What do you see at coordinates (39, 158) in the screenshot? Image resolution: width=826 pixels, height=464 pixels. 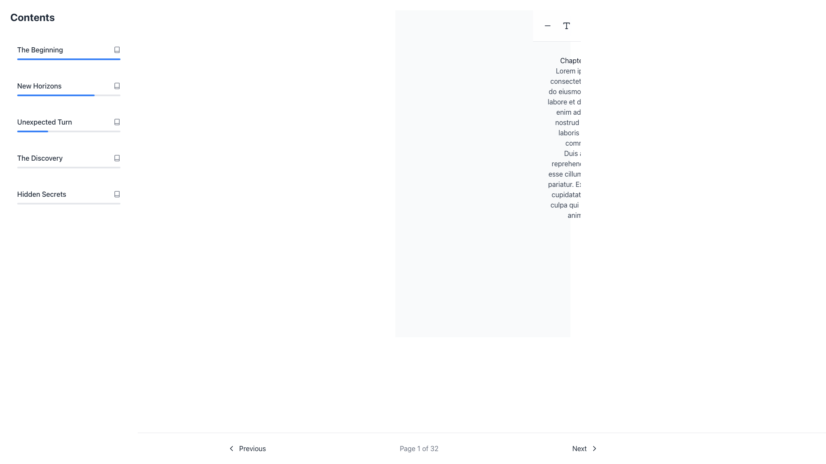 I see `the text label displaying 'The Discovery' in the left sidebar` at bounding box center [39, 158].